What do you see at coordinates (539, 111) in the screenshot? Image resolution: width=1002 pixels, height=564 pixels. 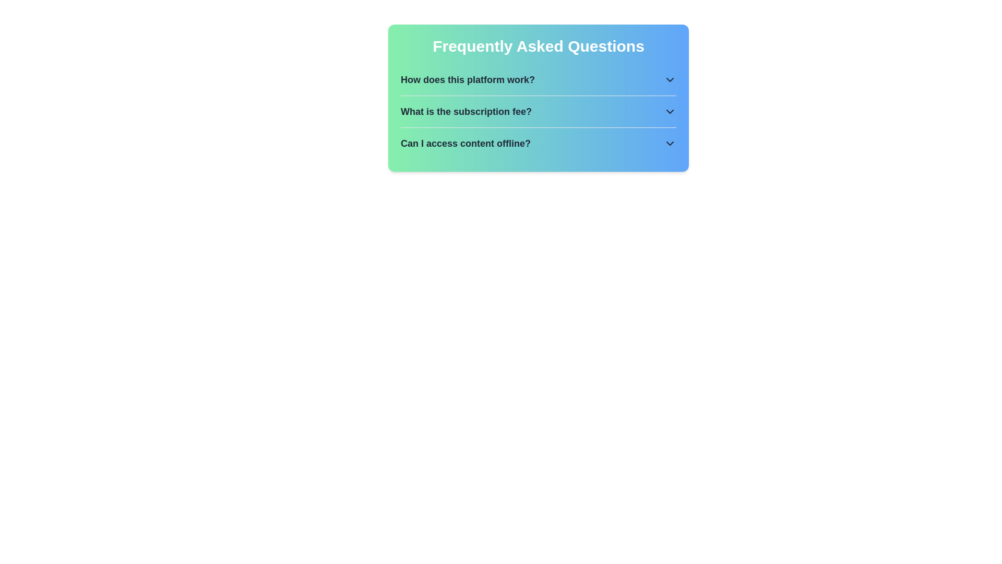 I see `the second FAQ question item` at bounding box center [539, 111].